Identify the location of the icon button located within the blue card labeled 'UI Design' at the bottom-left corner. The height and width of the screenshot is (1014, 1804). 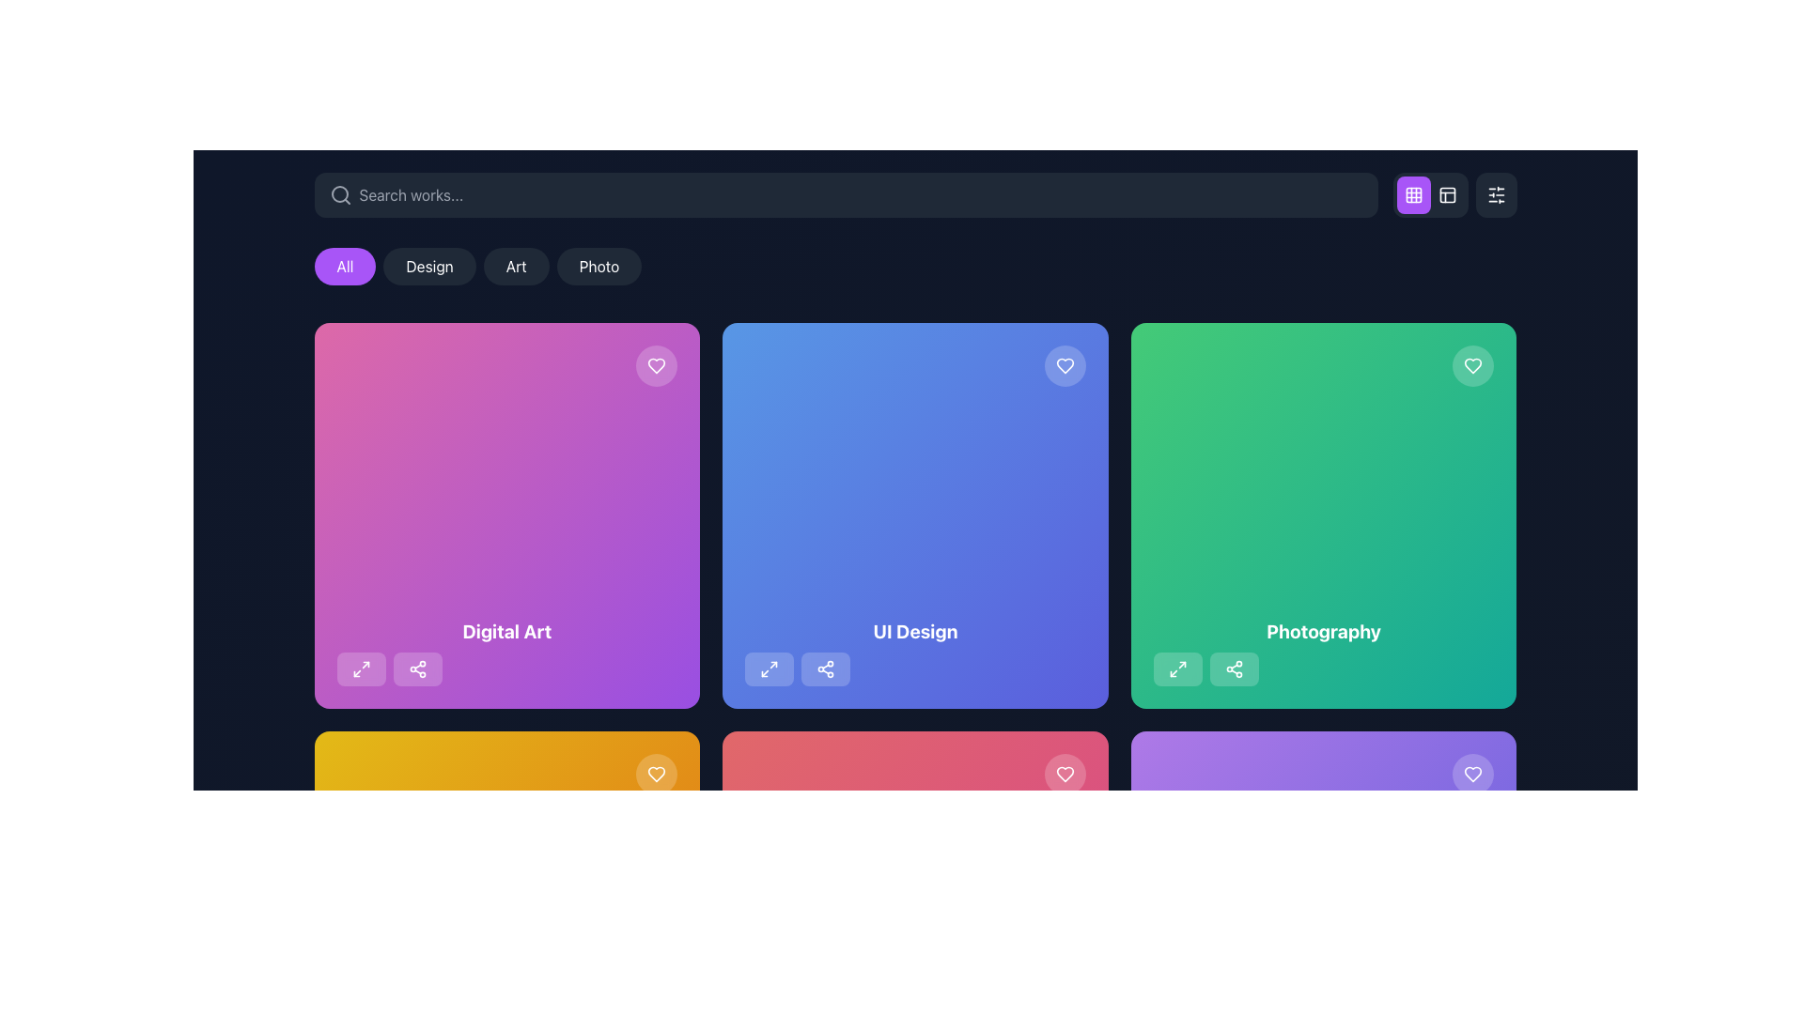
(770, 668).